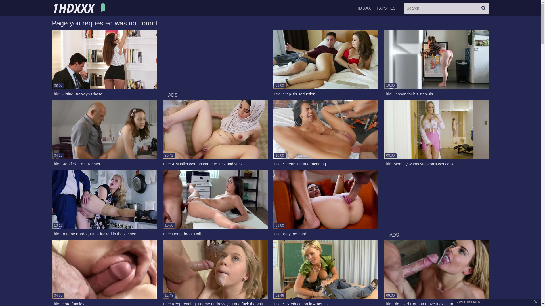 This screenshot has width=545, height=306. Describe the element at coordinates (364, 8) in the screenshot. I see `'HD XXX'` at that location.